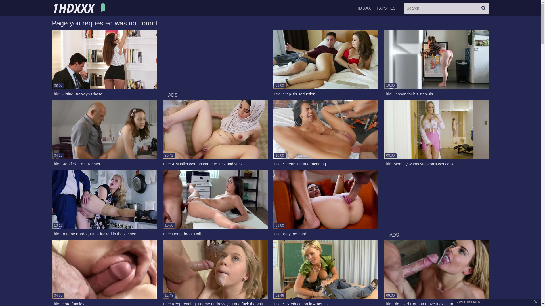 This screenshot has width=545, height=306. Describe the element at coordinates (364, 8) in the screenshot. I see `'HD XXX'` at that location.